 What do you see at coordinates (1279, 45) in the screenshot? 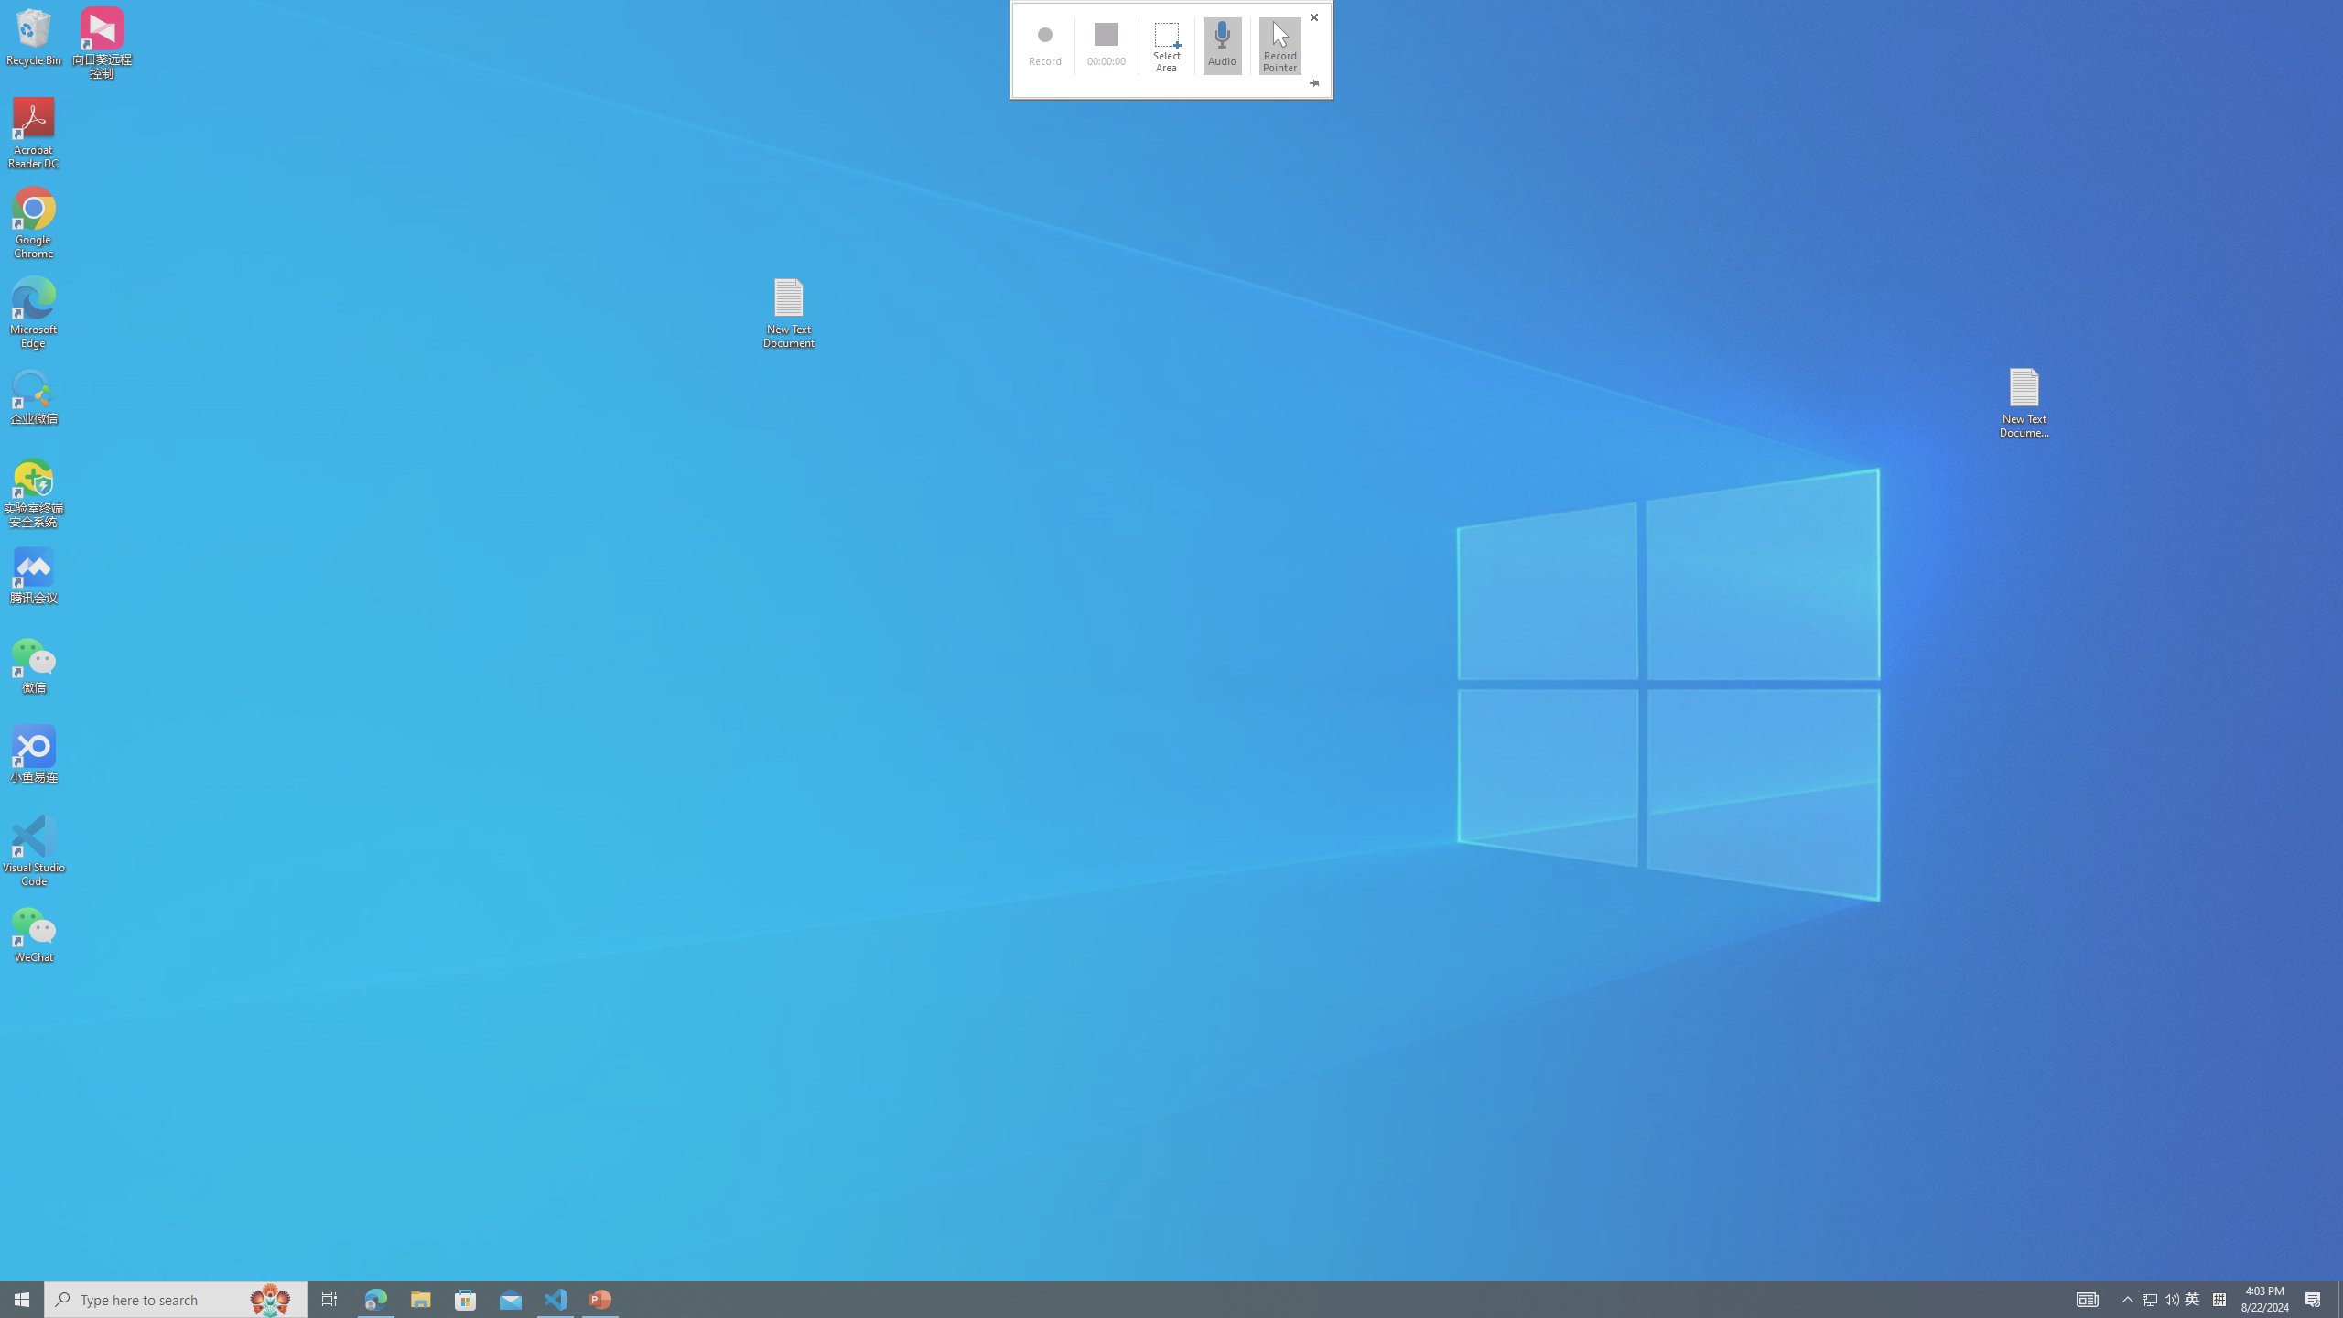
I see `'Record Pointer'` at bounding box center [1279, 45].